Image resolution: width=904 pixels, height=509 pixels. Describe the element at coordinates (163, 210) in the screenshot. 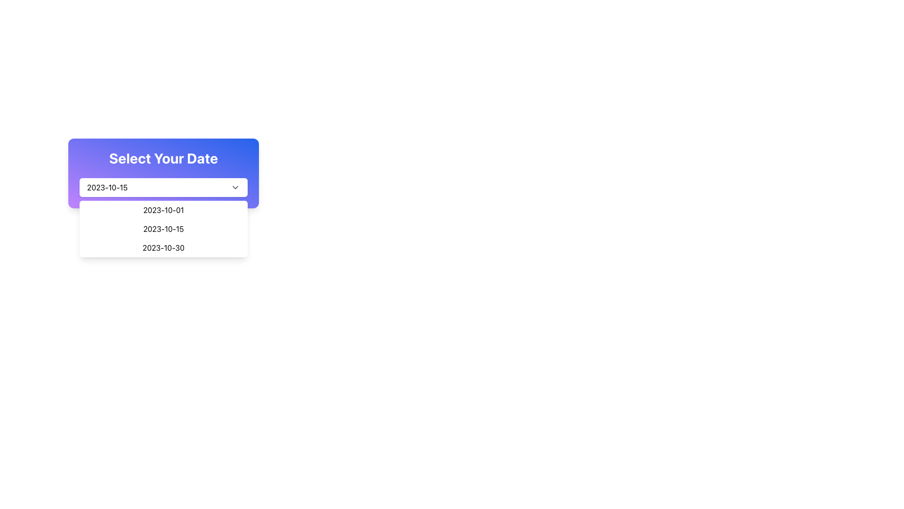

I see `the first selectable option in the dropdown menu to set the date to '2023-10-01'` at that location.